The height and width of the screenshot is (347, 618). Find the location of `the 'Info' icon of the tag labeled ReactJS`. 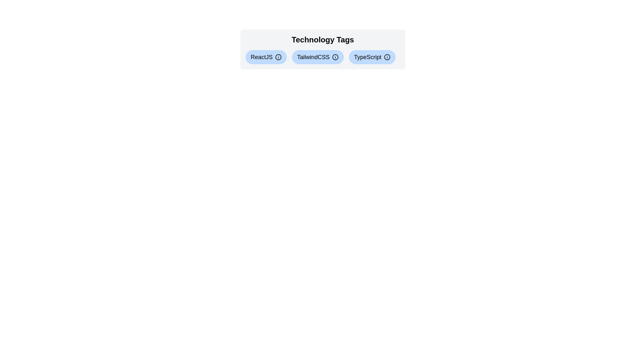

the 'Info' icon of the tag labeled ReactJS is located at coordinates (278, 57).